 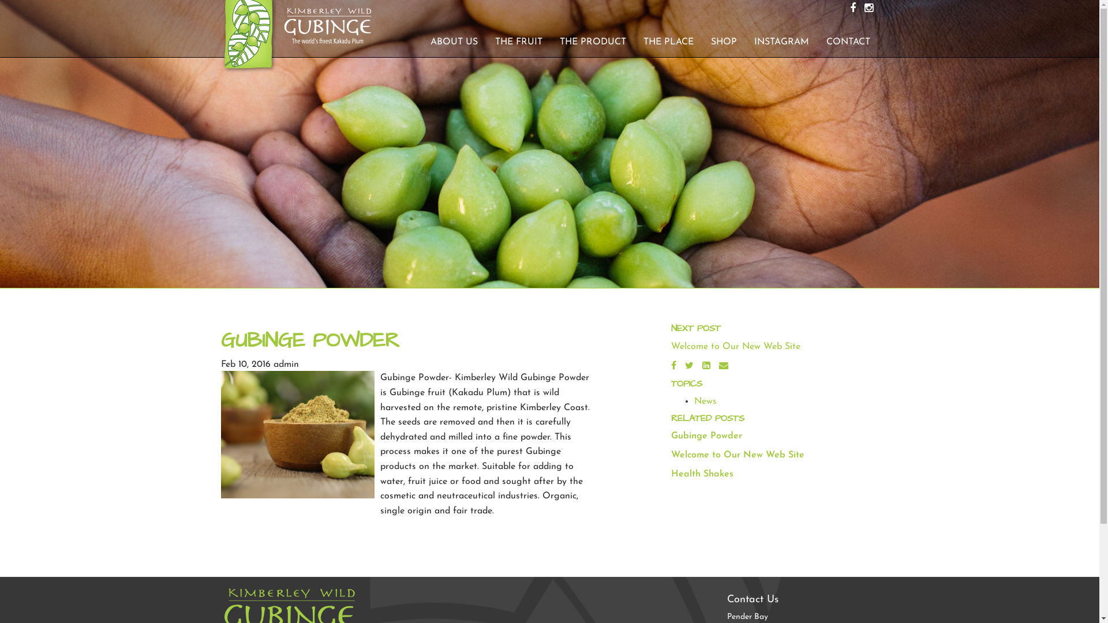 I want to click on 'ABOUT US', so click(x=453, y=42).